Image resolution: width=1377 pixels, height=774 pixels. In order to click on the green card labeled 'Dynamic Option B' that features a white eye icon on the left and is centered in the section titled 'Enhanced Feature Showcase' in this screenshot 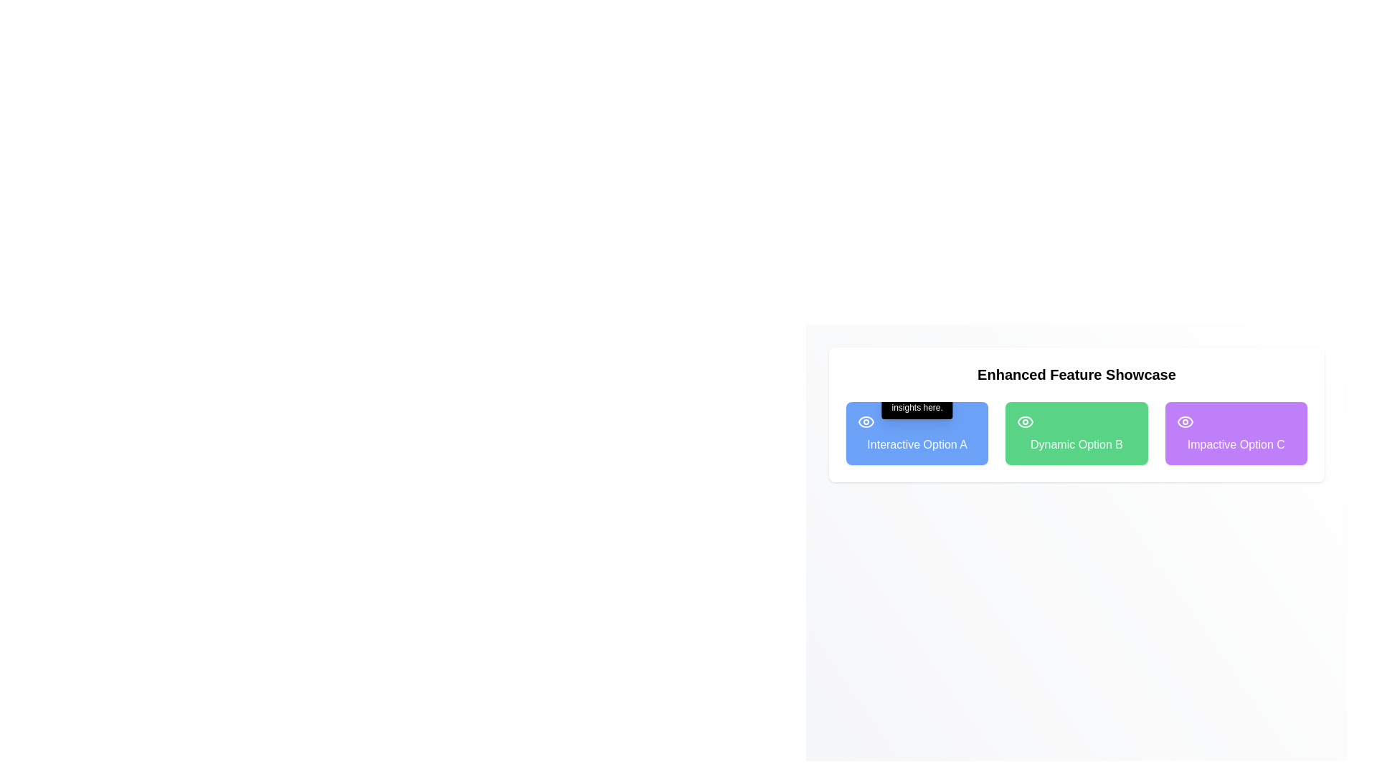, I will do `click(1076, 433)`.